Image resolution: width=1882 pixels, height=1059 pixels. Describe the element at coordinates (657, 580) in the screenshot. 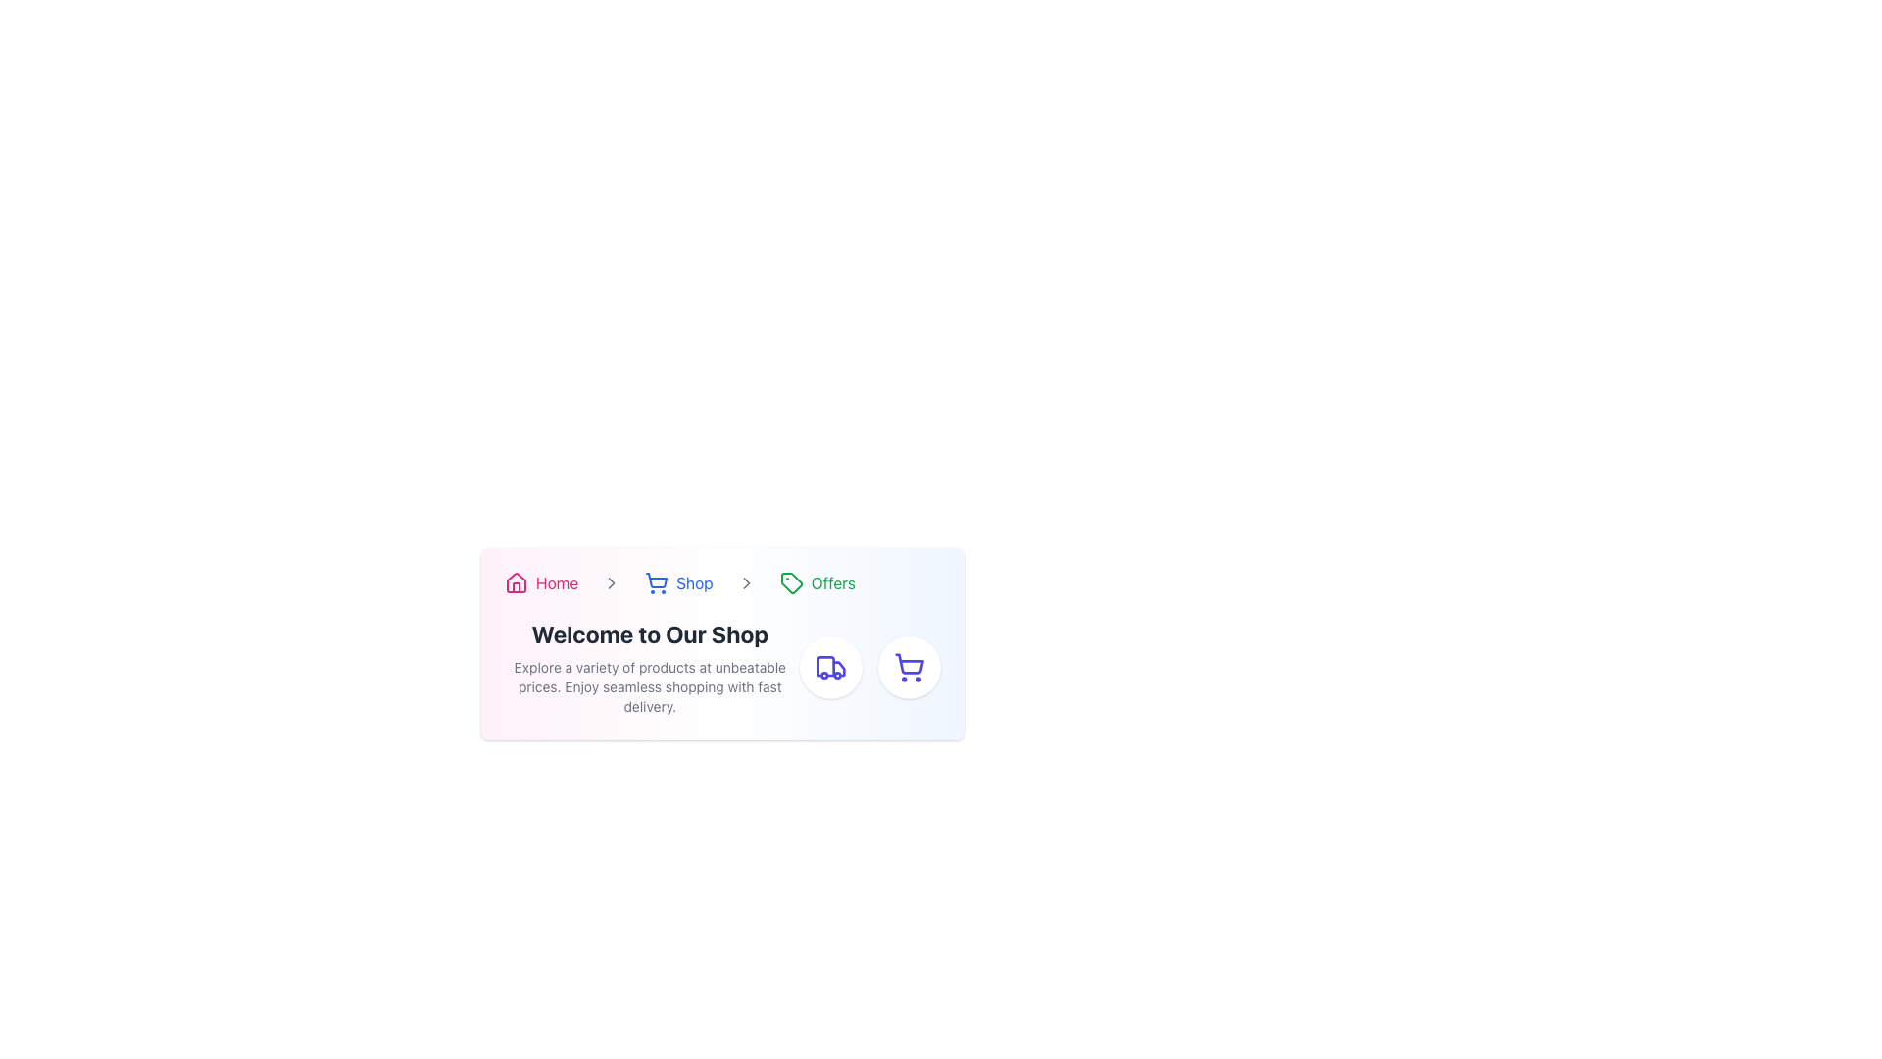

I see `the shopping cart icon, which is the second icon from the left in the breadcrumb trail at the top middle of the card-like interface` at that location.